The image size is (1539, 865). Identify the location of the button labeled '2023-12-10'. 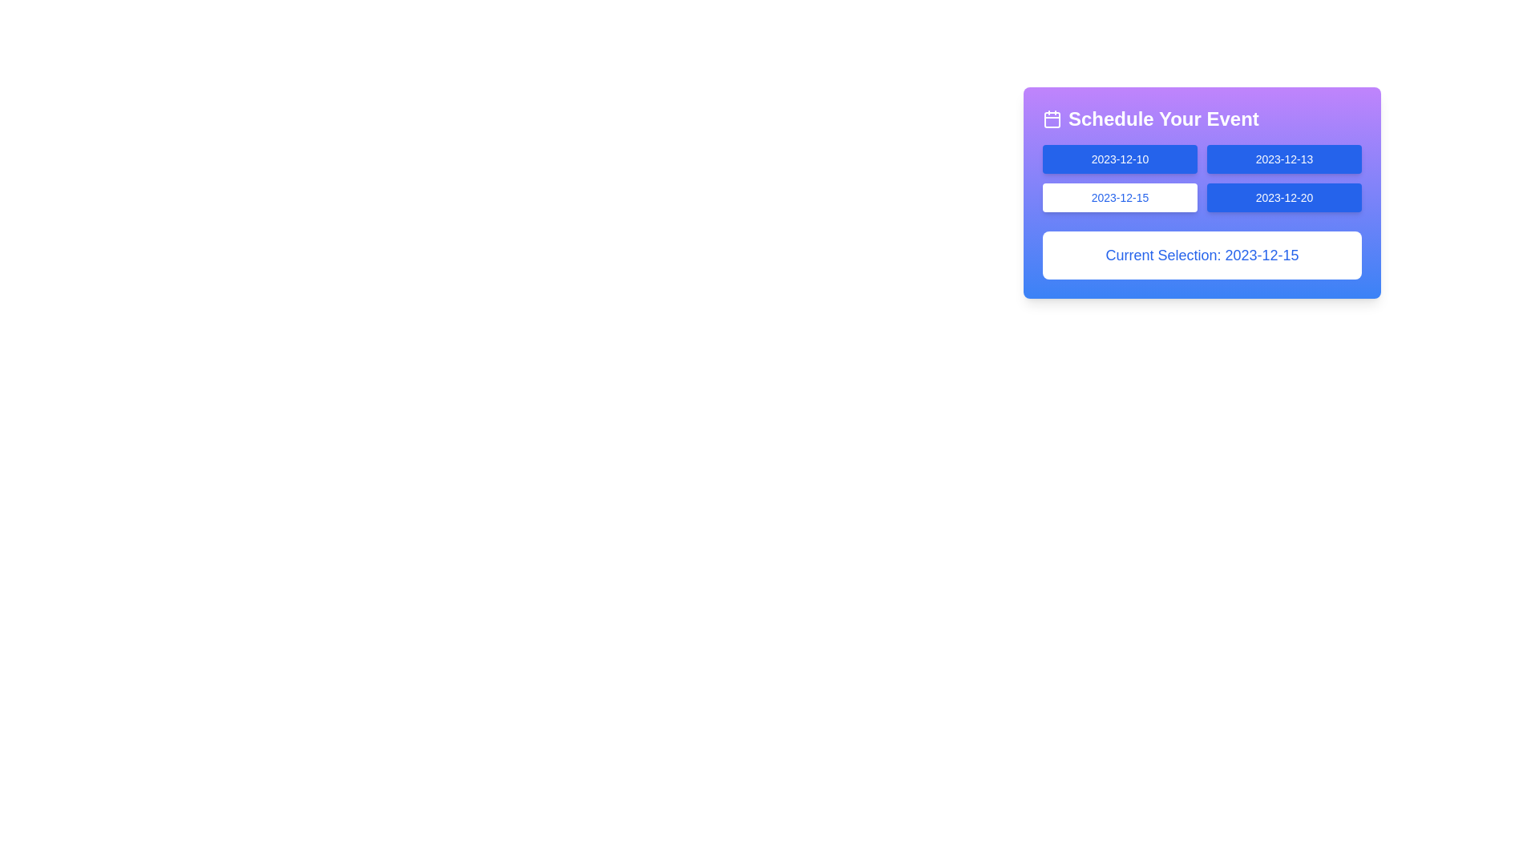
(1119, 159).